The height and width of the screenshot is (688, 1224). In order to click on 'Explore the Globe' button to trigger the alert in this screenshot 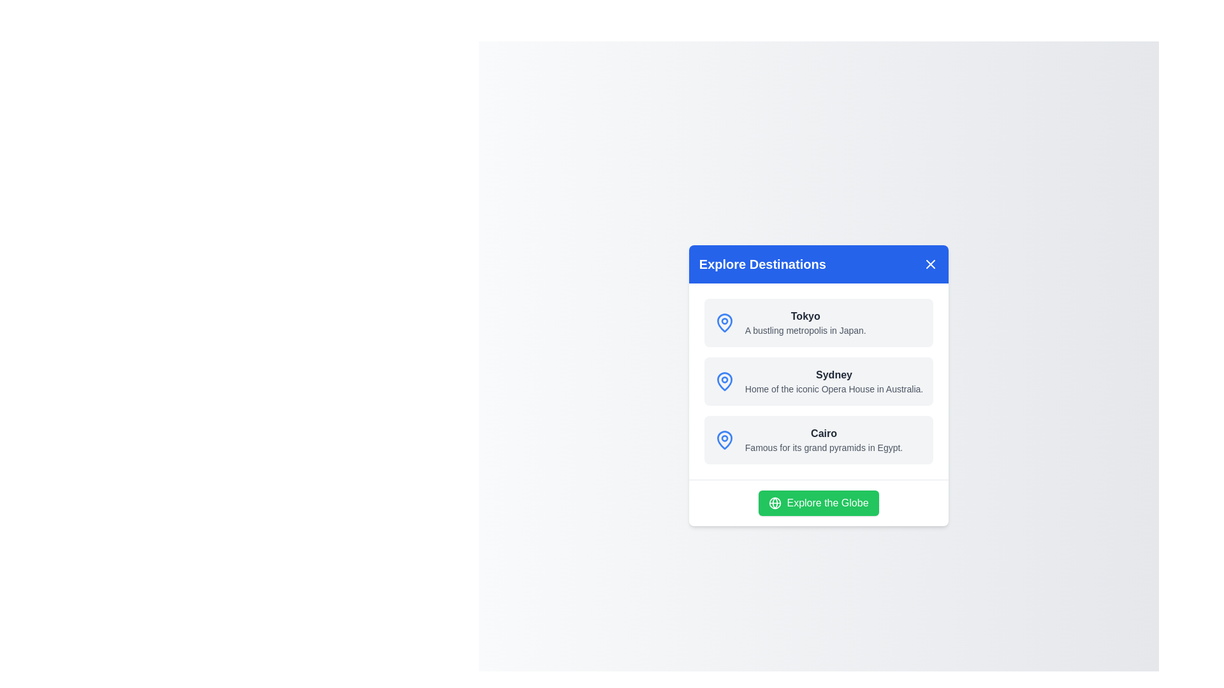, I will do `click(818, 502)`.